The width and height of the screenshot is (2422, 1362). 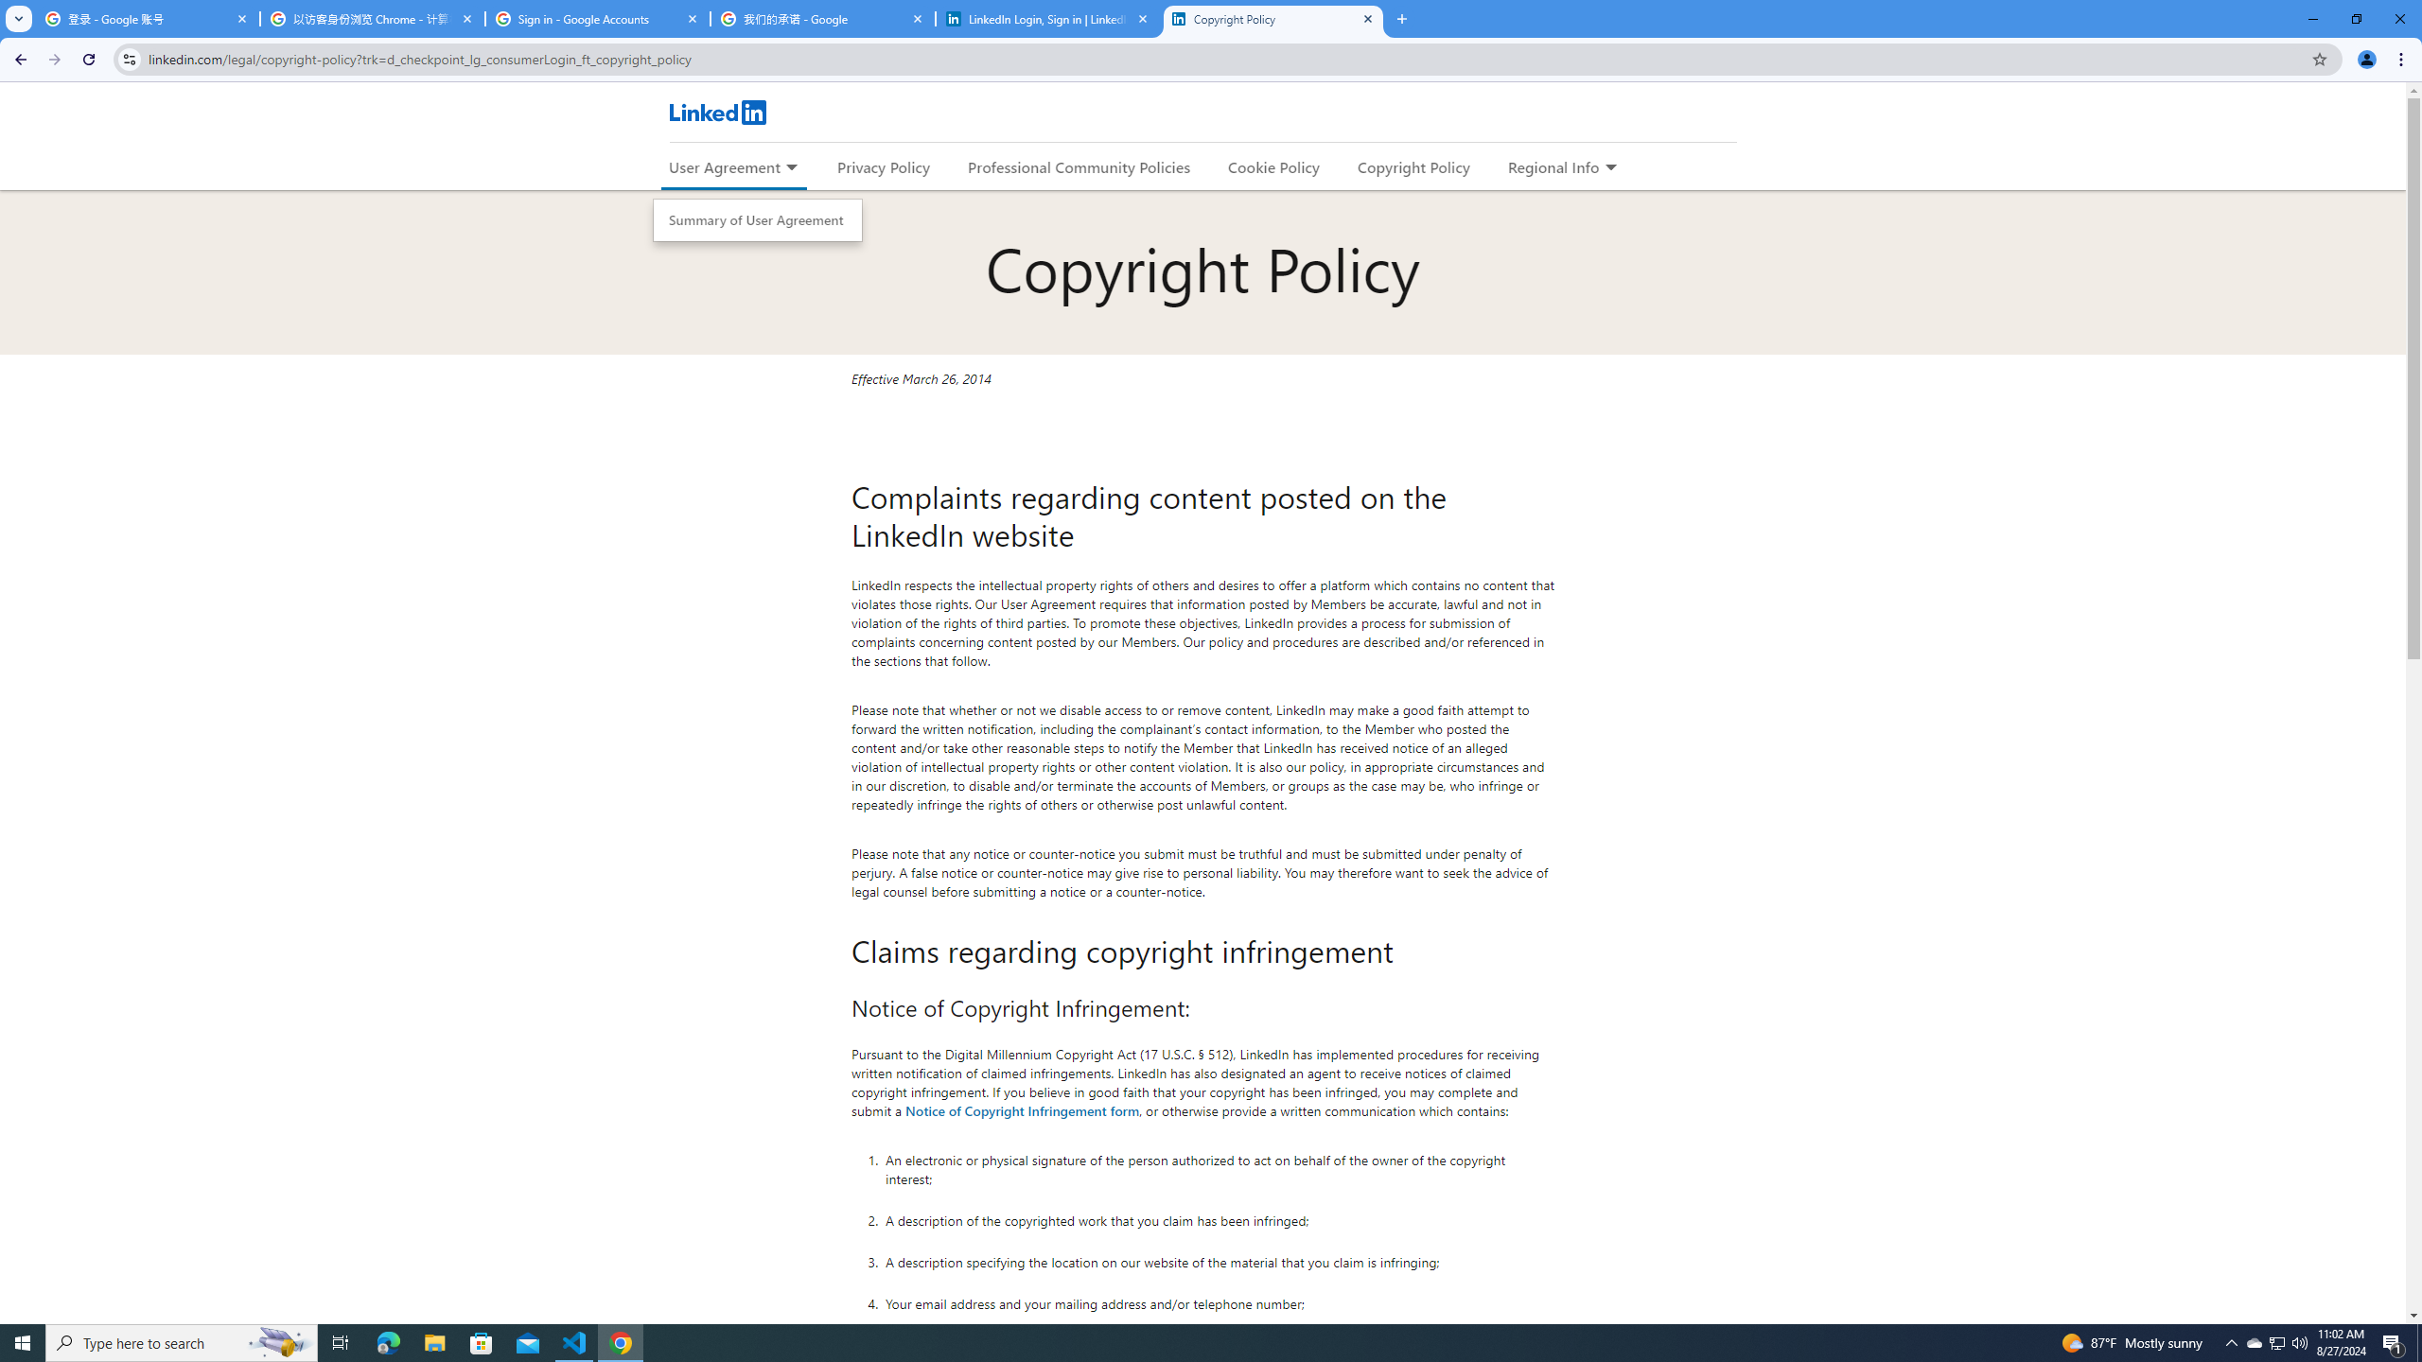 What do you see at coordinates (597, 18) in the screenshot?
I see `'Sign in - Google Accounts'` at bounding box center [597, 18].